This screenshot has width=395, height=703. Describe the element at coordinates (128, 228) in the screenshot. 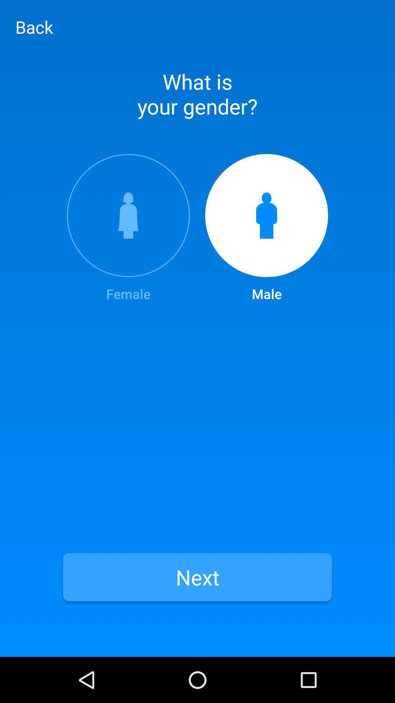

I see `female icon` at that location.